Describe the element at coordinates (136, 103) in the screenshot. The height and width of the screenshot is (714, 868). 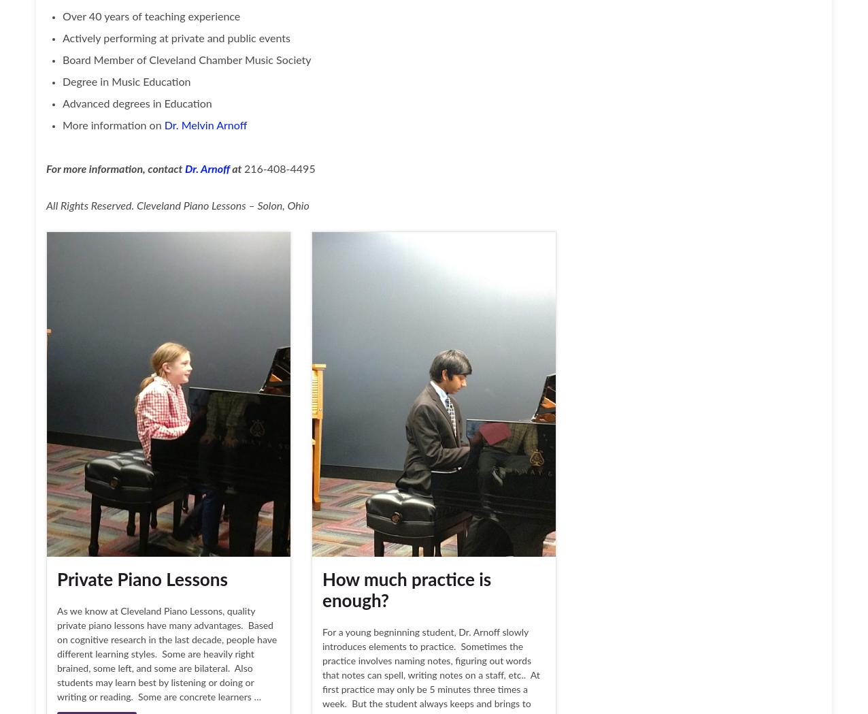
I see `'Advanced degrees in Education'` at that location.